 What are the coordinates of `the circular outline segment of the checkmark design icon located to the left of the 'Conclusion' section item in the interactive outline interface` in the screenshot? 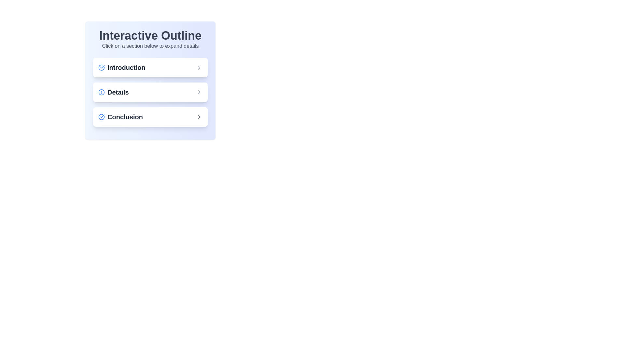 It's located at (101, 116).